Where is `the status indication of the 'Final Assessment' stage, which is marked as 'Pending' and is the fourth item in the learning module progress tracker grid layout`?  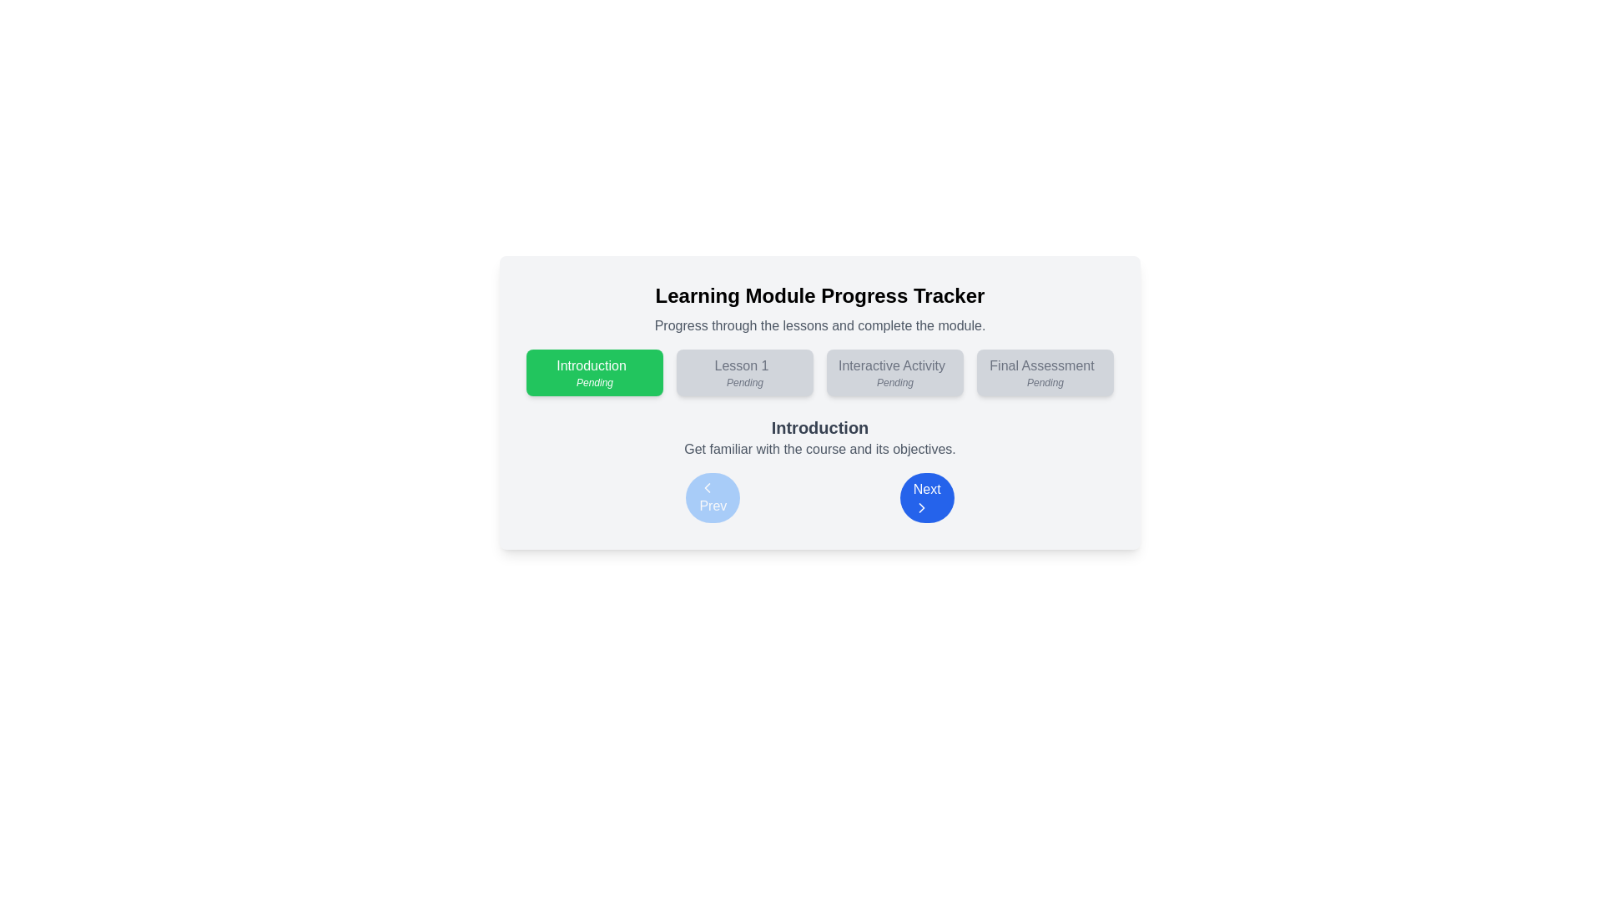 the status indication of the 'Final Assessment' stage, which is marked as 'Pending' and is the fourth item in the learning module progress tracker grid layout is located at coordinates (1044, 372).